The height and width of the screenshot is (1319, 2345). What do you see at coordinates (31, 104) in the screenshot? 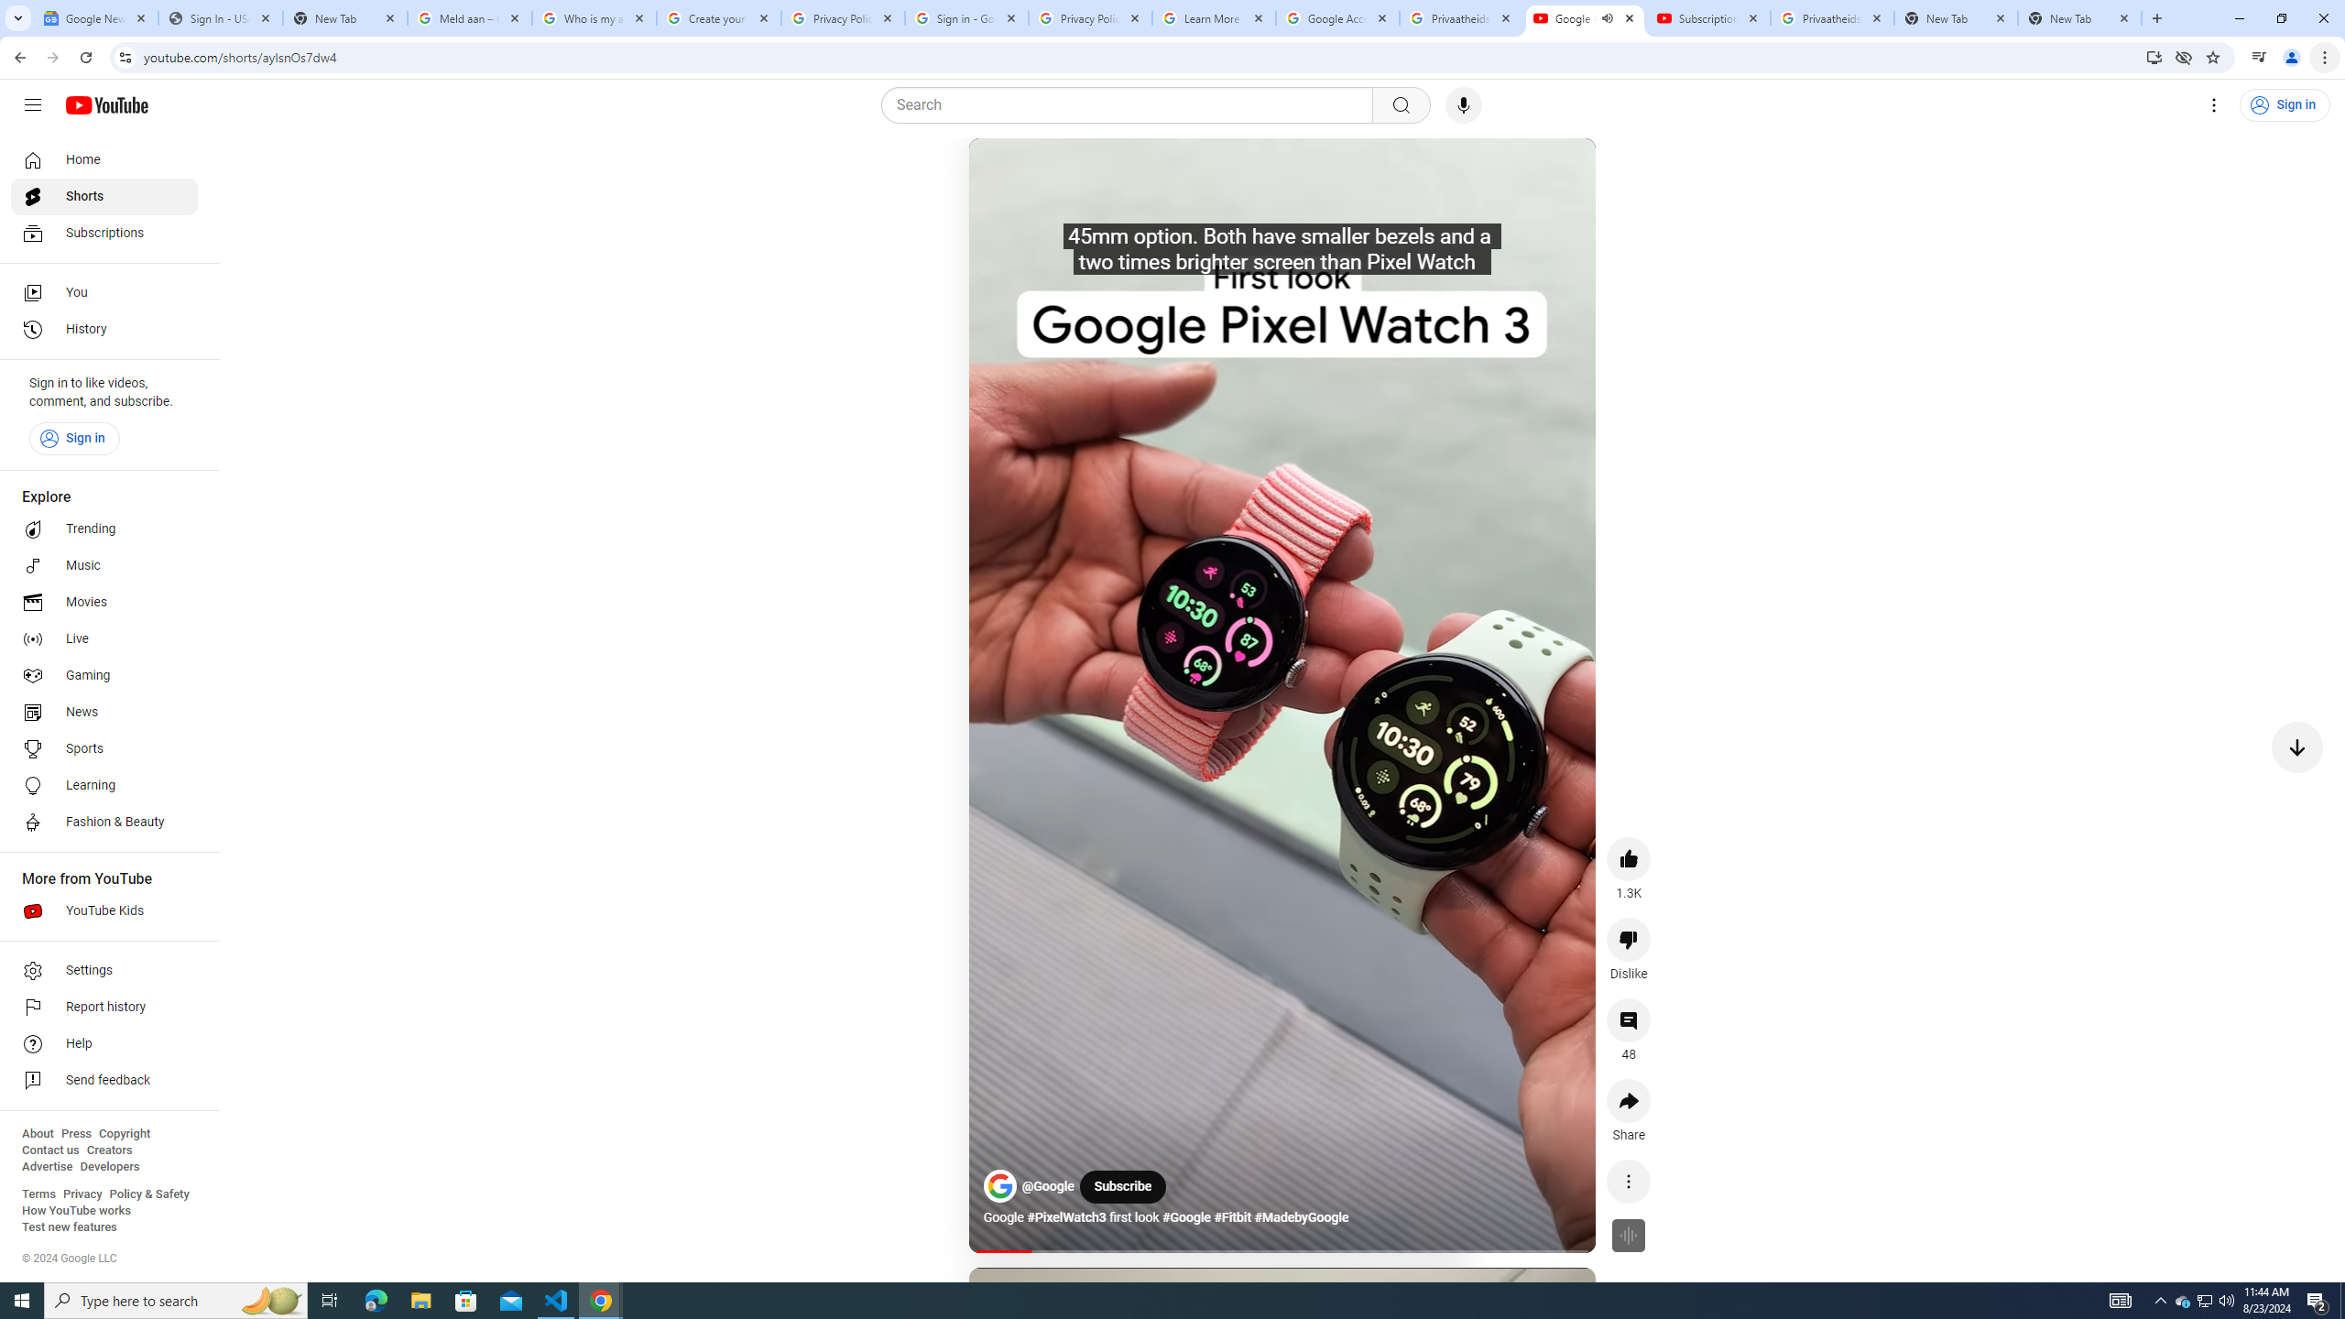
I see `'Guide'` at bounding box center [31, 104].